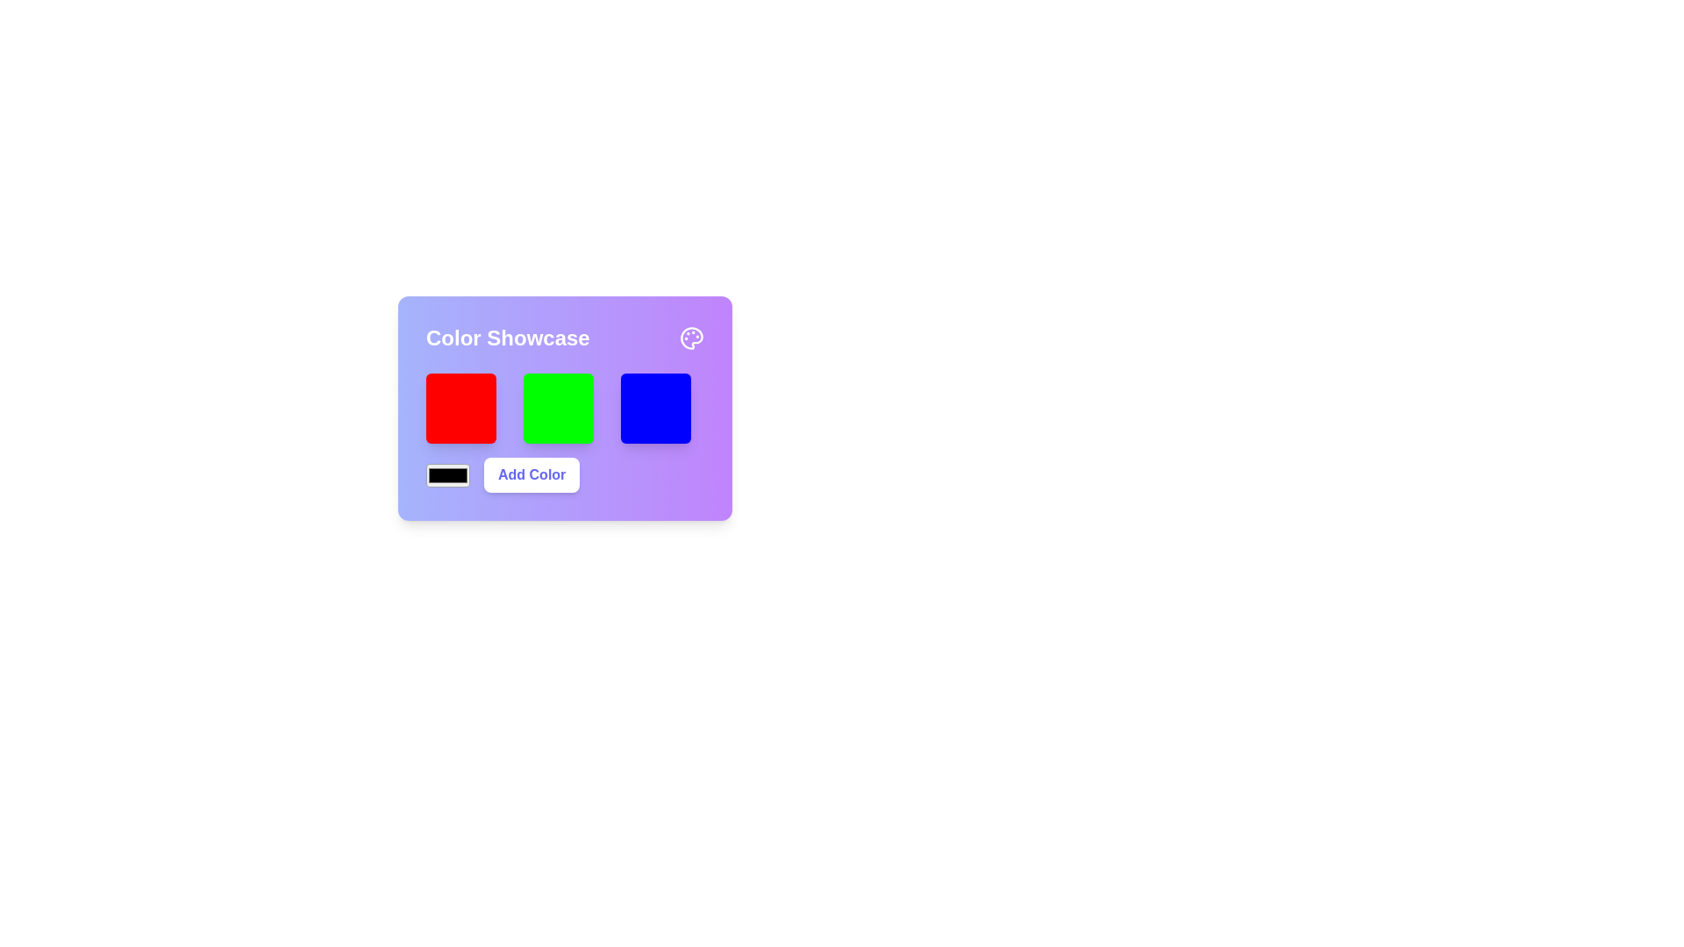 This screenshot has width=1684, height=947. I want to click on the middle square of the Color display grid, which represents the green color, so click(565, 416).